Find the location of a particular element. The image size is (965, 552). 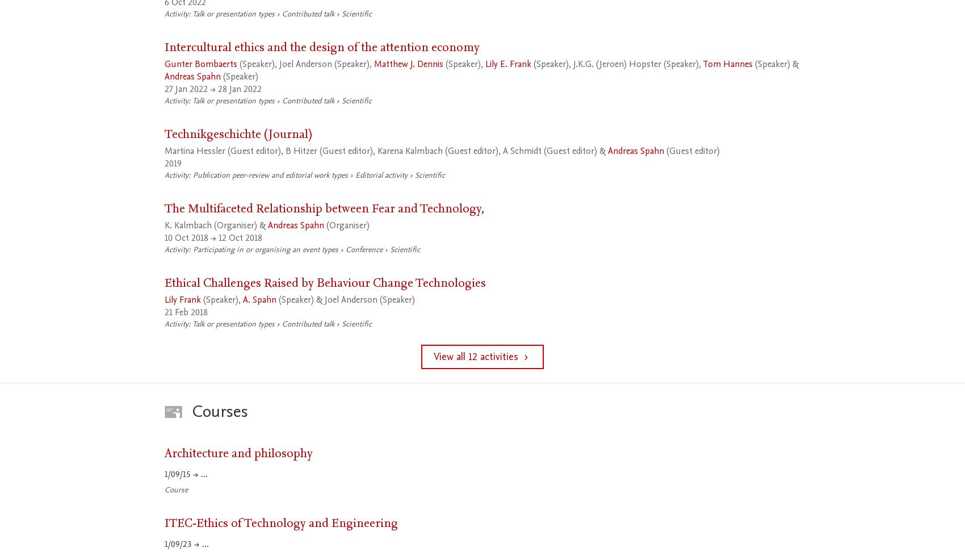

'21 Feb 2018' is located at coordinates (185, 311).